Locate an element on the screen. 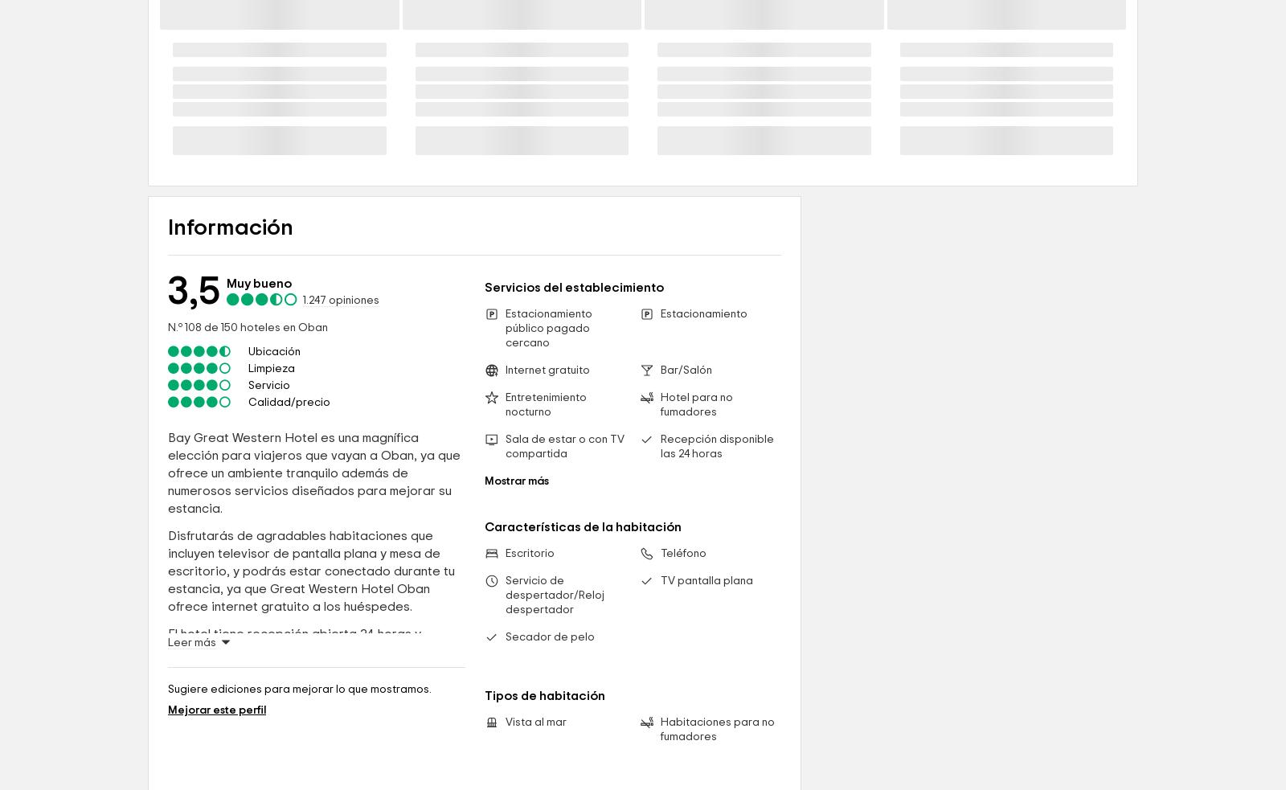 The image size is (1286, 790). 'Secador de pelo' is located at coordinates (549, 776).